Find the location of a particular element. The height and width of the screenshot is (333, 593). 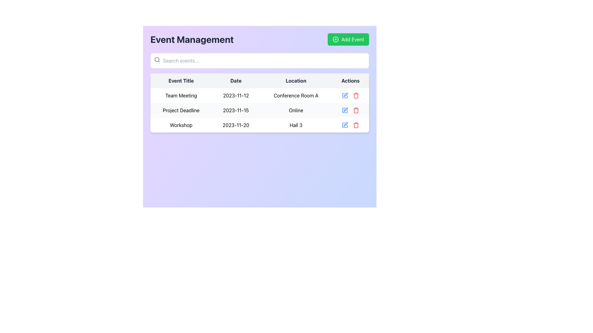

contents of the static text displaying 'Conference Room A' located in the 'Location' column of the table for the 'Team Meeting' entry is located at coordinates (296, 95).